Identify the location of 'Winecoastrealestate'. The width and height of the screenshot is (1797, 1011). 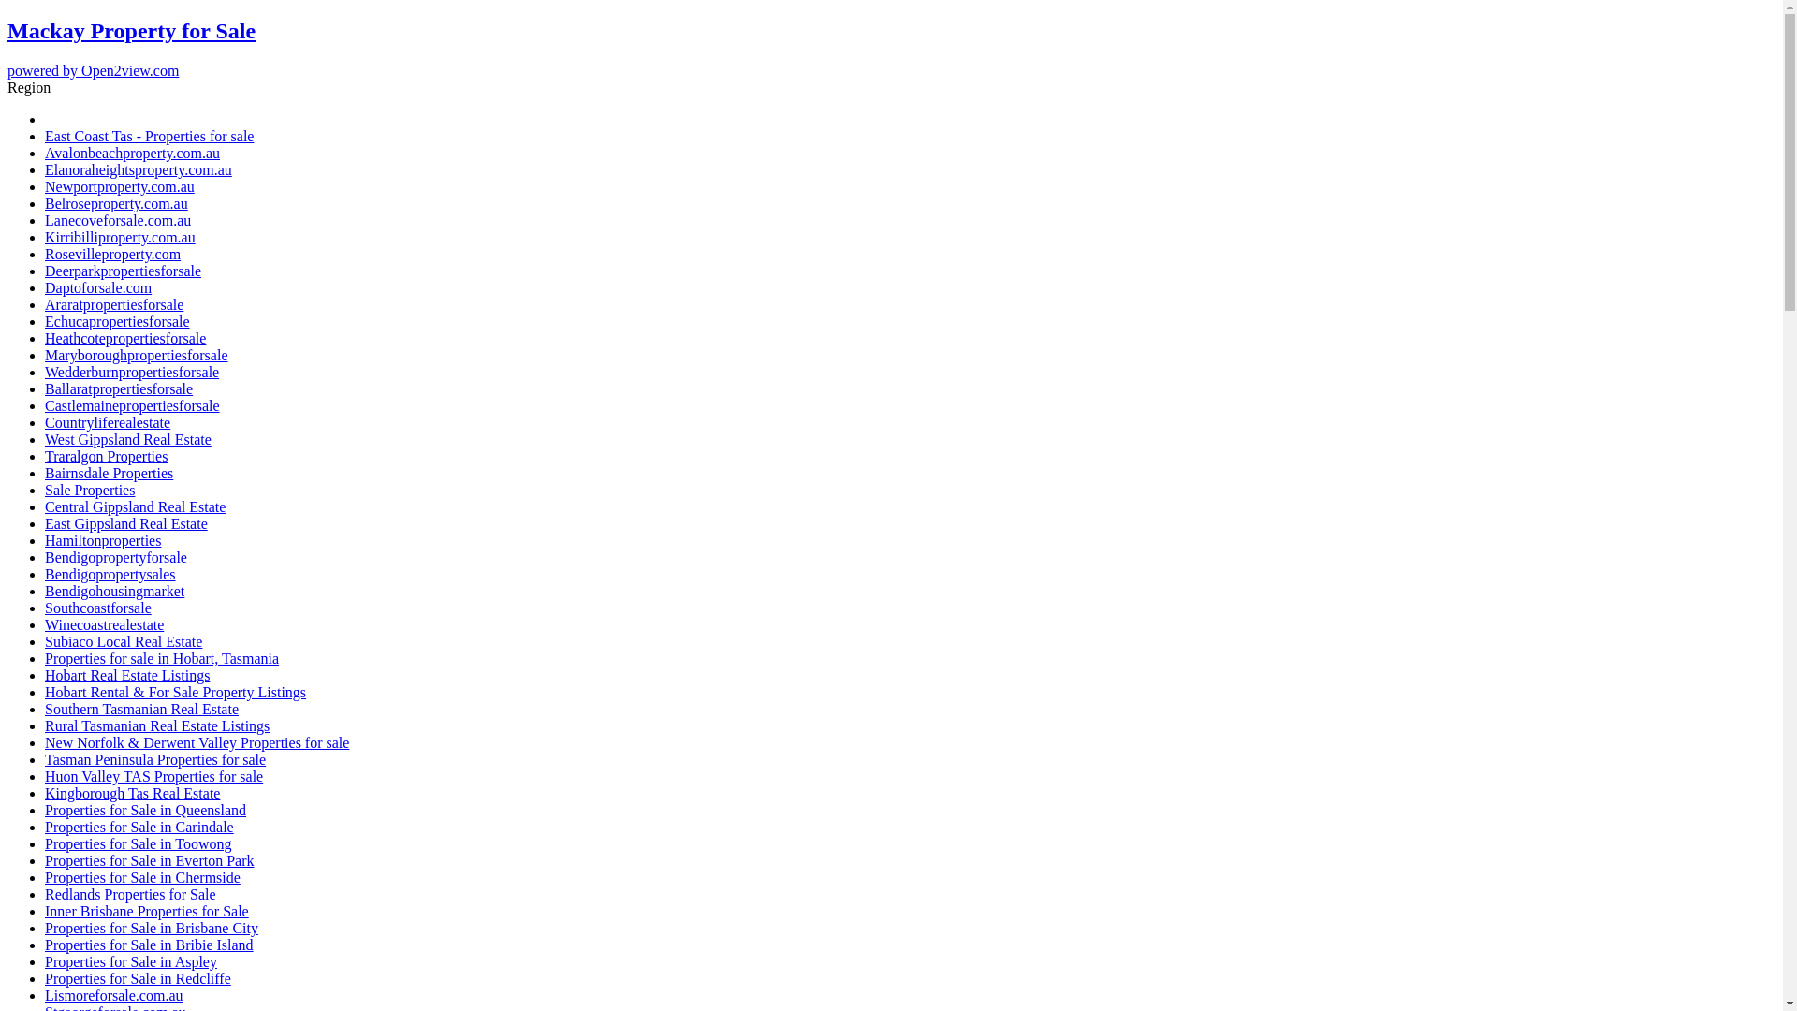
(103, 624).